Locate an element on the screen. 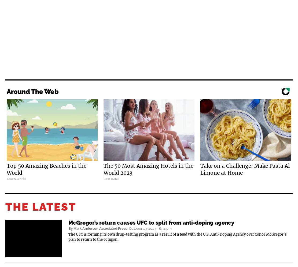 The height and width of the screenshot is (267, 298). 'THE LATEST' is located at coordinates (41, 207).